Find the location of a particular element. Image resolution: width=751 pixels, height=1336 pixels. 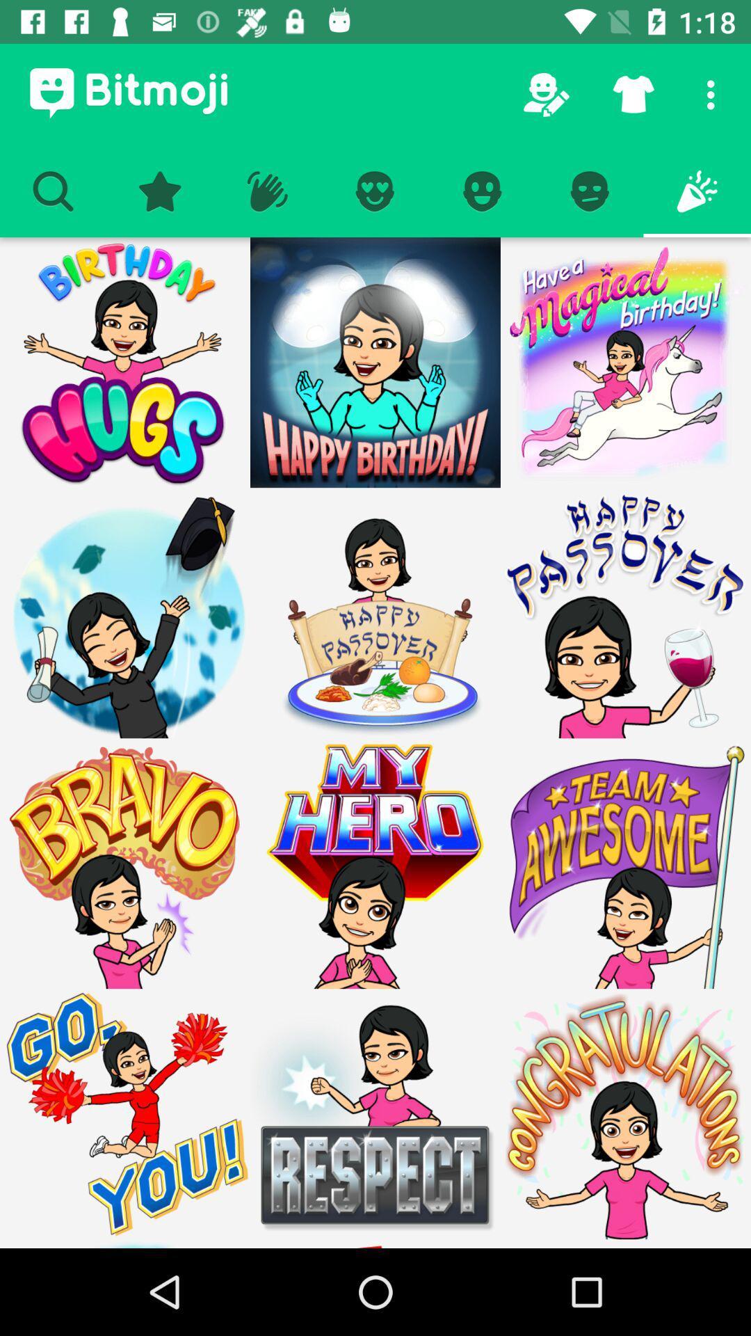

bravo sticker is located at coordinates (125, 863).